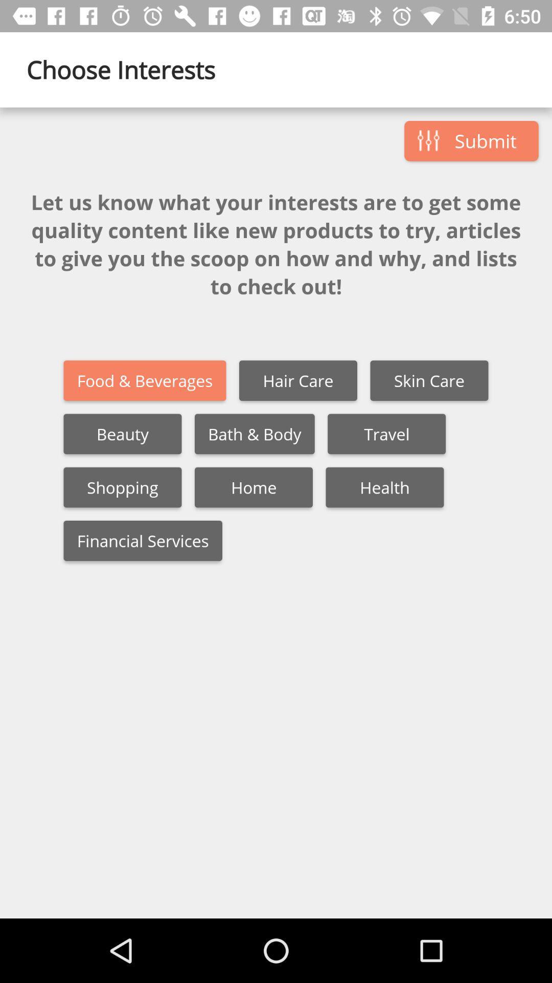 The height and width of the screenshot is (983, 552). Describe the element at coordinates (122, 487) in the screenshot. I see `shopping item` at that location.